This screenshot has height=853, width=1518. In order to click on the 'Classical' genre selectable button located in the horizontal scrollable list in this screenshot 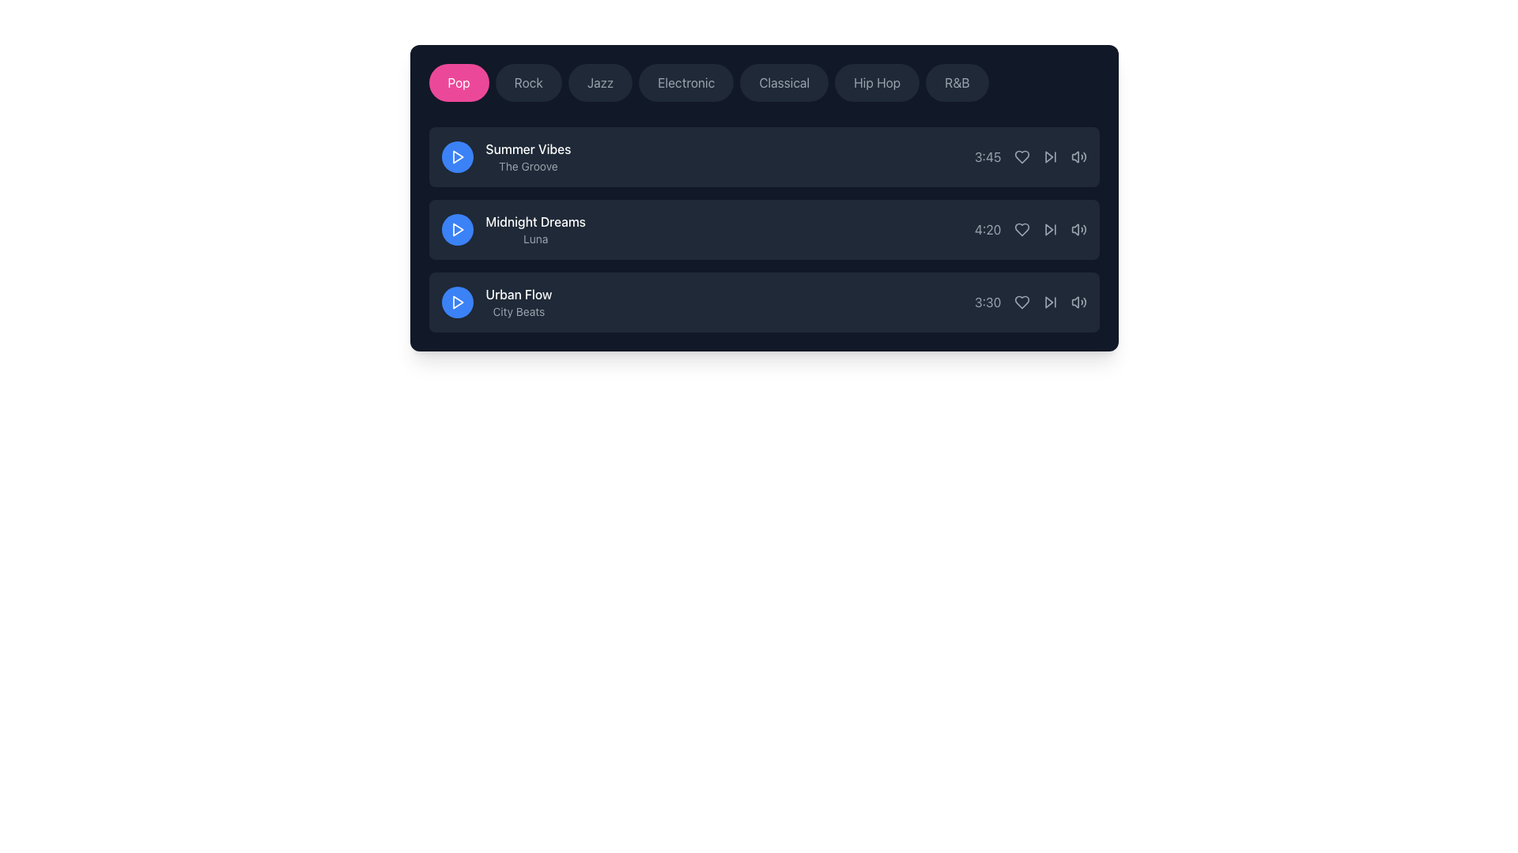, I will do `click(764, 82)`.